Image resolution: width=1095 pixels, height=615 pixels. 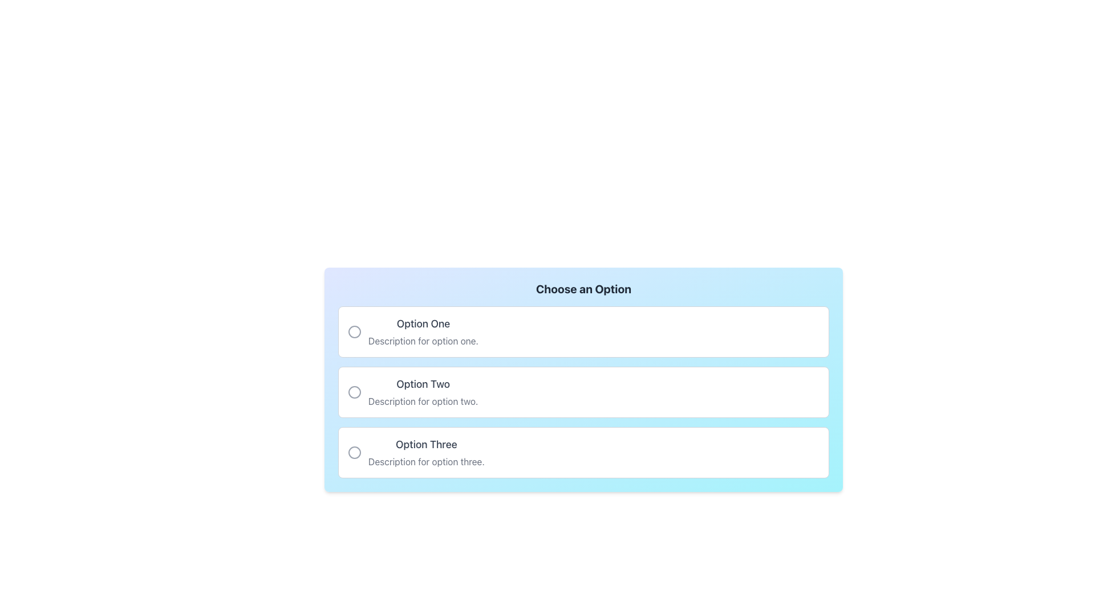 What do you see at coordinates (354, 392) in the screenshot?
I see `the circular indicator or state icon with a gray outline, located in the middle of the second row of options in the 'Choose an Option' list, representing 'Option Two'` at bounding box center [354, 392].